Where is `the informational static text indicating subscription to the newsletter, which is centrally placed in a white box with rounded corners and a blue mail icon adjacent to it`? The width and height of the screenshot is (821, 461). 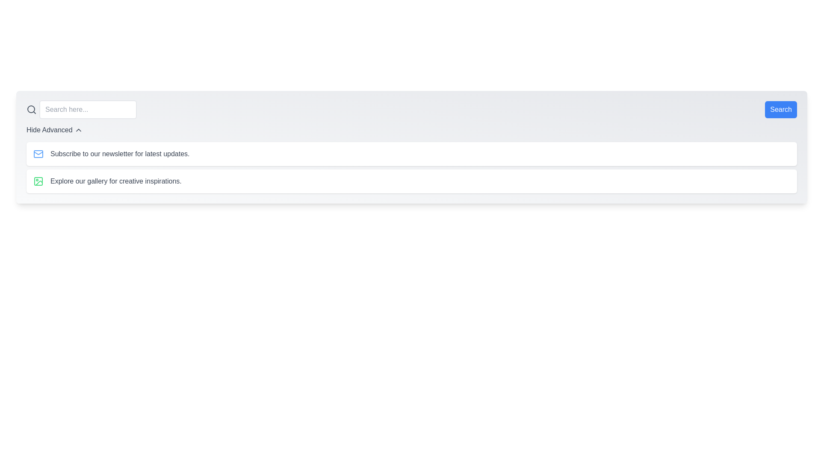 the informational static text indicating subscription to the newsletter, which is centrally placed in a white box with rounded corners and a blue mail icon adjacent to it is located at coordinates (119, 154).